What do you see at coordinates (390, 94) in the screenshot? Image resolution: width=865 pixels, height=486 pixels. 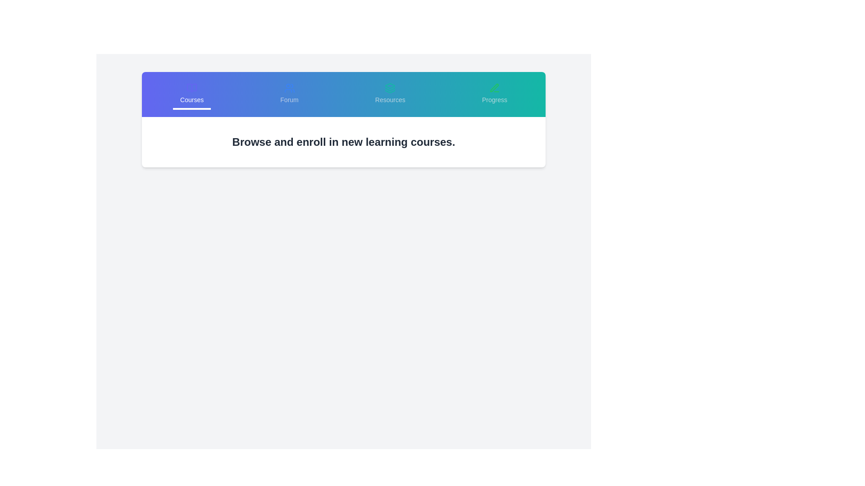 I see `the tab labeled Resources` at bounding box center [390, 94].